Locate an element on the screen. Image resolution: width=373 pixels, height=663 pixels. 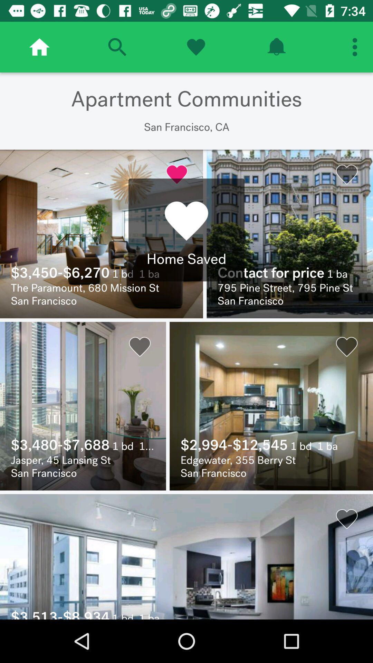
open favorites menu is located at coordinates (196, 47).